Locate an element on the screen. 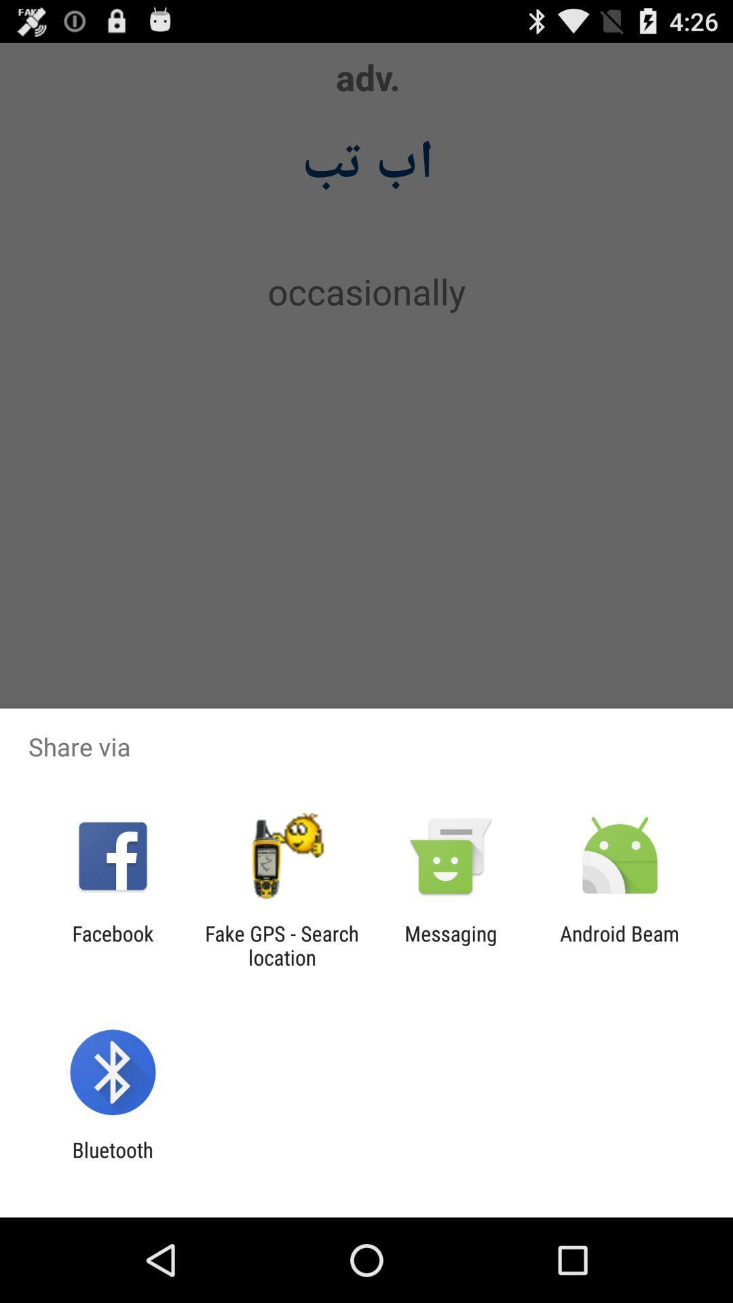 The height and width of the screenshot is (1303, 733). messaging is located at coordinates (451, 945).